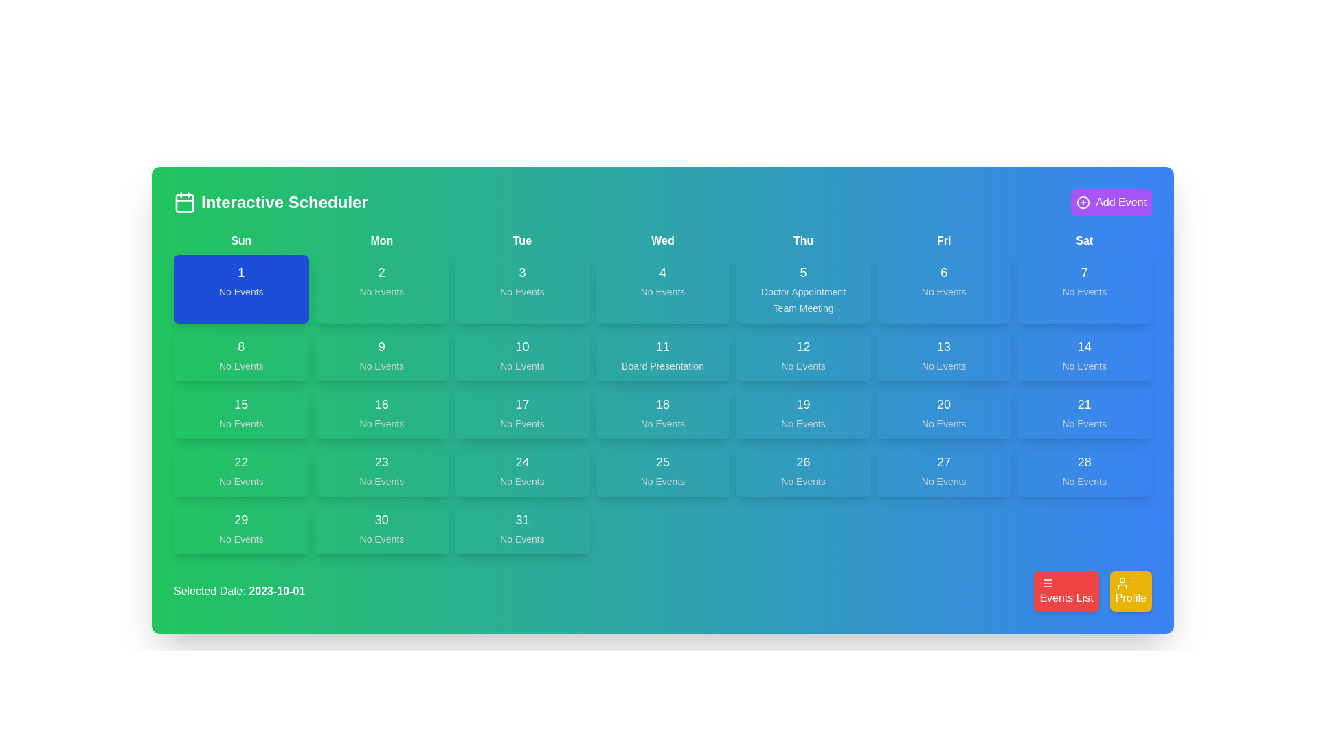 The height and width of the screenshot is (742, 1319). What do you see at coordinates (803, 404) in the screenshot?
I see `the static label displaying the text '19' in a prominent white font, which is positioned in the Thursday column of the weekly calendar grid` at bounding box center [803, 404].